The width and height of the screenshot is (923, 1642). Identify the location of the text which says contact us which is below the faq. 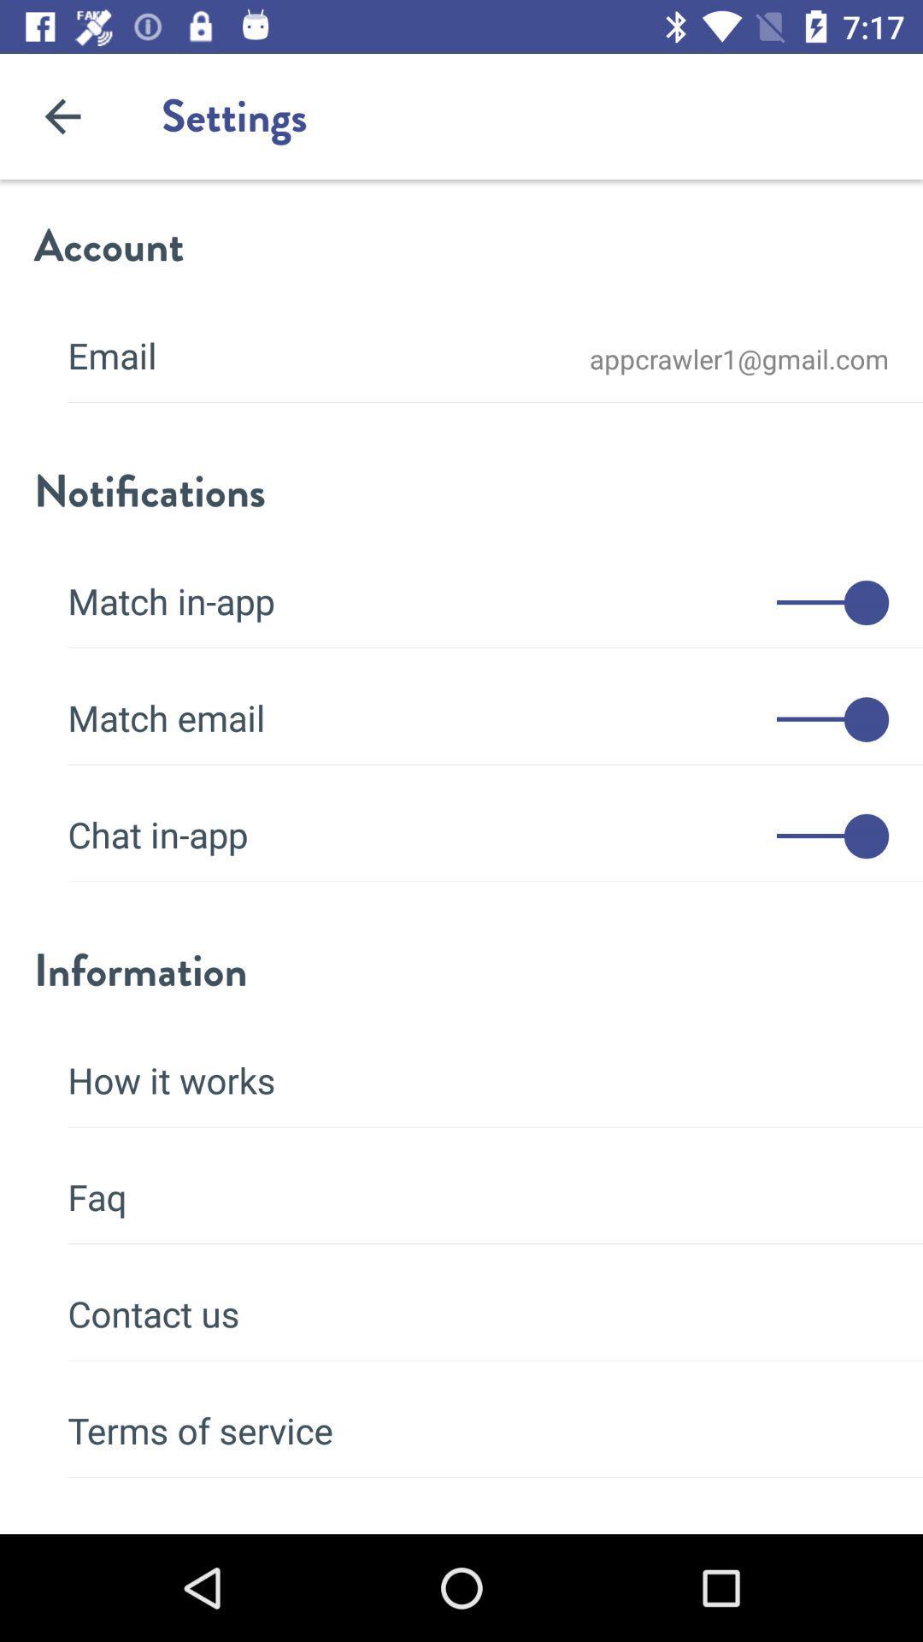
(478, 1302).